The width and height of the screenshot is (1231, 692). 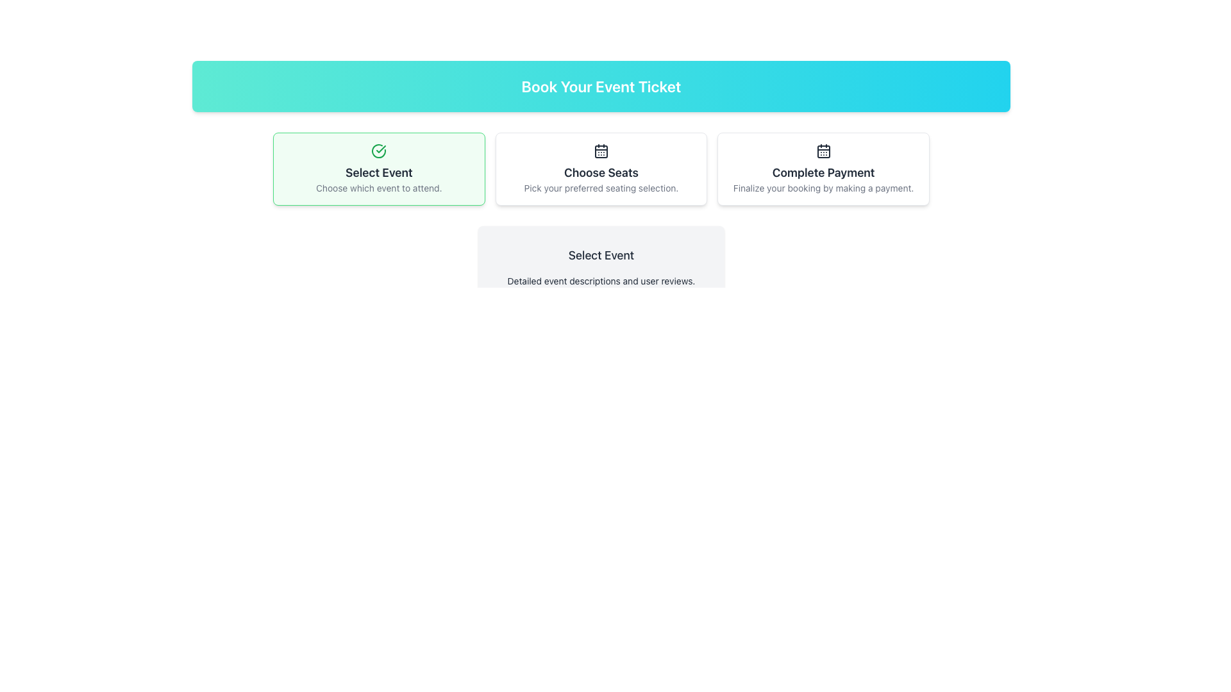 What do you see at coordinates (823, 150) in the screenshot?
I see `the calendar icon located in the 'Complete Payment' section, which is directly above the text 'Finalize your booking by making a payment.'` at bounding box center [823, 150].